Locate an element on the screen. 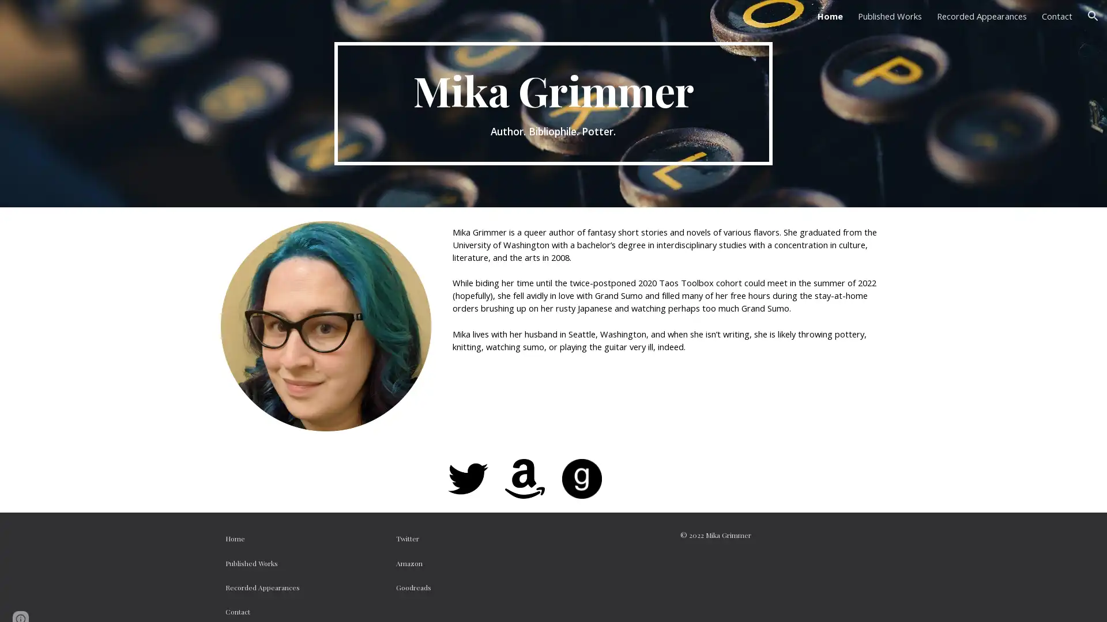  Report abuse is located at coordinates (106, 601).